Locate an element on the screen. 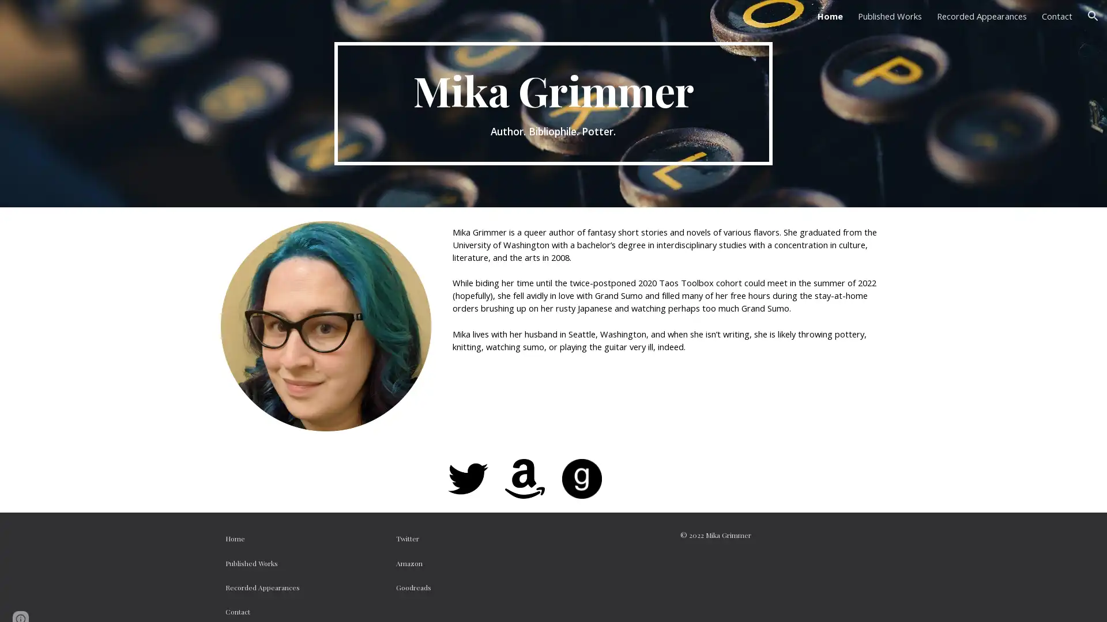  Report abuse is located at coordinates (106, 601).